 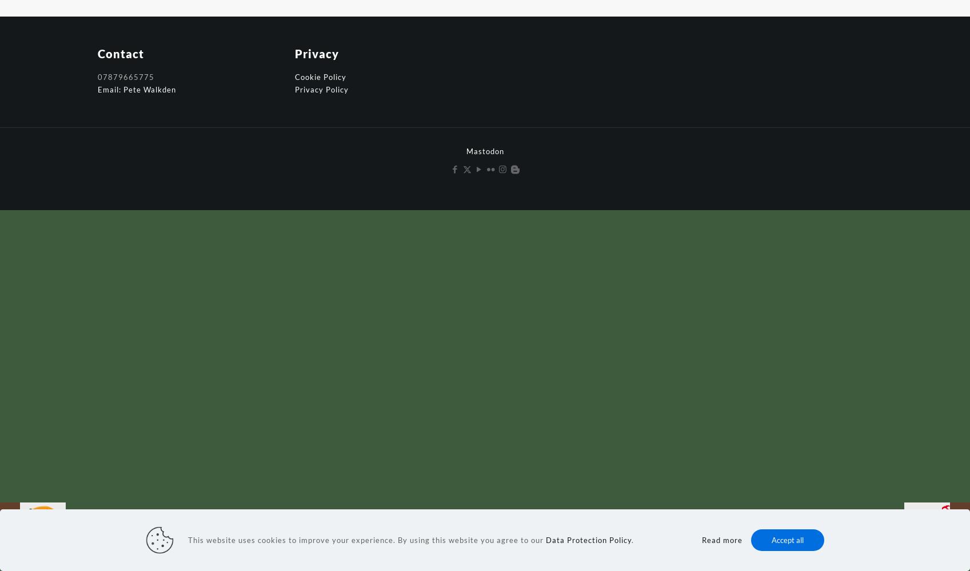 What do you see at coordinates (721, 540) in the screenshot?
I see `'Read more'` at bounding box center [721, 540].